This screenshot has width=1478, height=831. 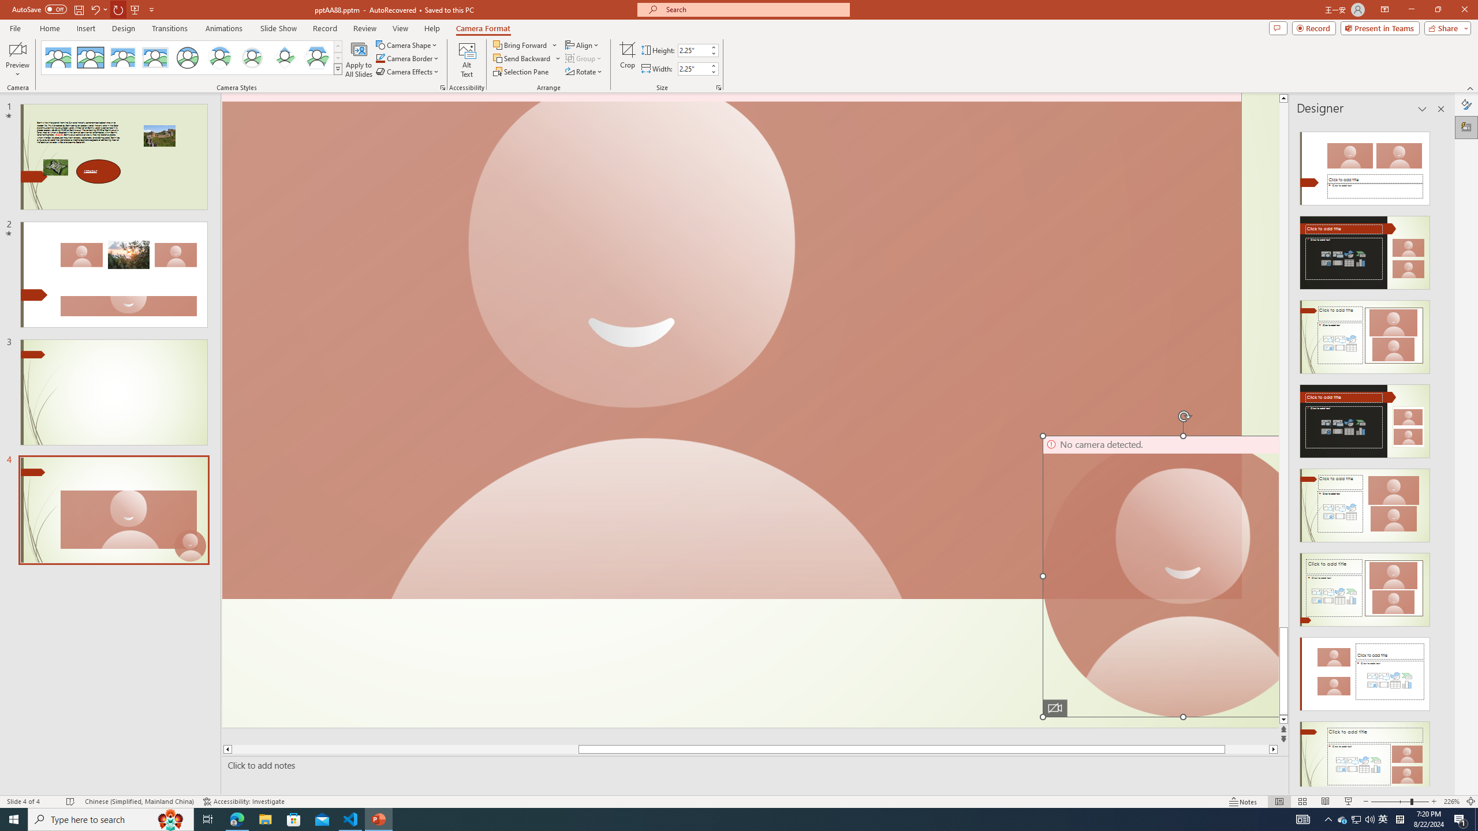 I want to click on 'Zoom 226%', so click(x=1452, y=802).